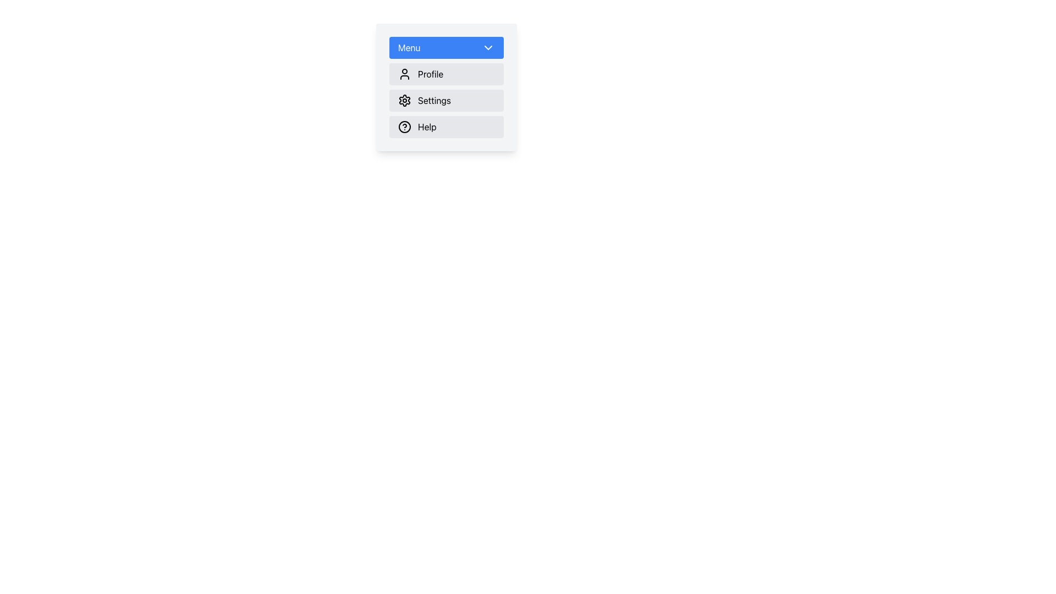 This screenshot has width=1056, height=594. Describe the element at coordinates (446, 100) in the screenshot. I see `the second item in the dropdown menu labeled 'Menu'` at that location.